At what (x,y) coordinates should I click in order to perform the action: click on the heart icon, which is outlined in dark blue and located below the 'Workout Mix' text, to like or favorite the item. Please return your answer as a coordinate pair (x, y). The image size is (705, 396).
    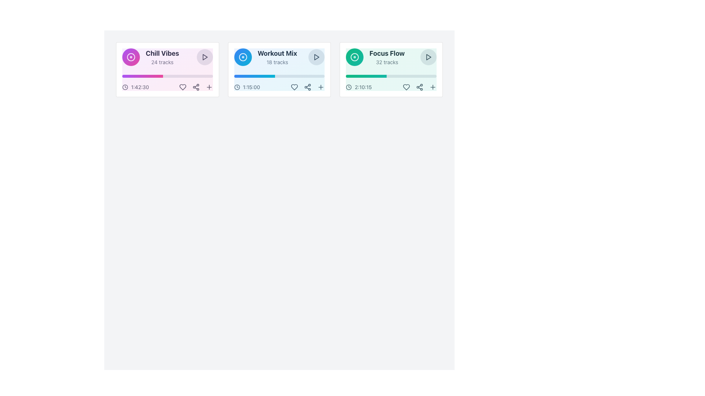
    Looking at the image, I should click on (294, 87).